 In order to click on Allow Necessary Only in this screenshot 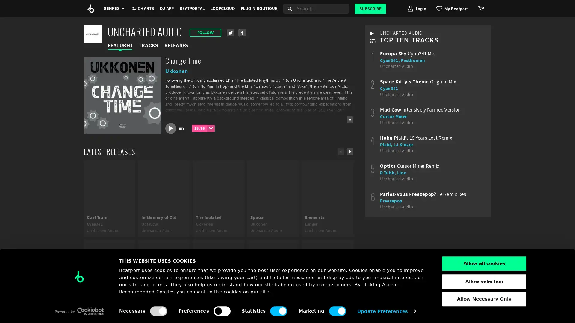, I will do `click(484, 299)`.